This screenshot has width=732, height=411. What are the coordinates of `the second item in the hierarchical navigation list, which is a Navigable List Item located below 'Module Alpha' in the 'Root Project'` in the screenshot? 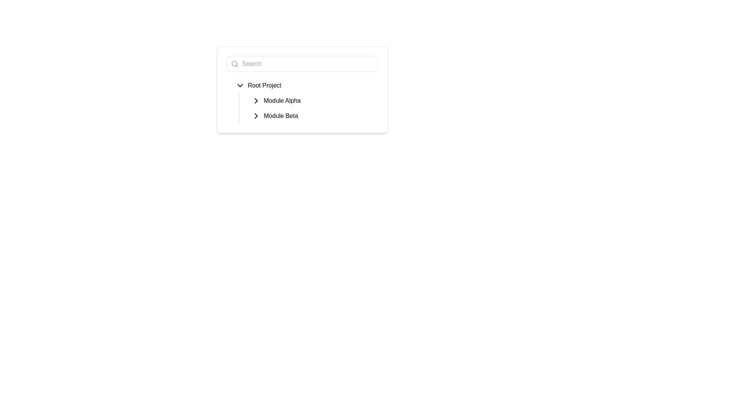 It's located at (313, 116).